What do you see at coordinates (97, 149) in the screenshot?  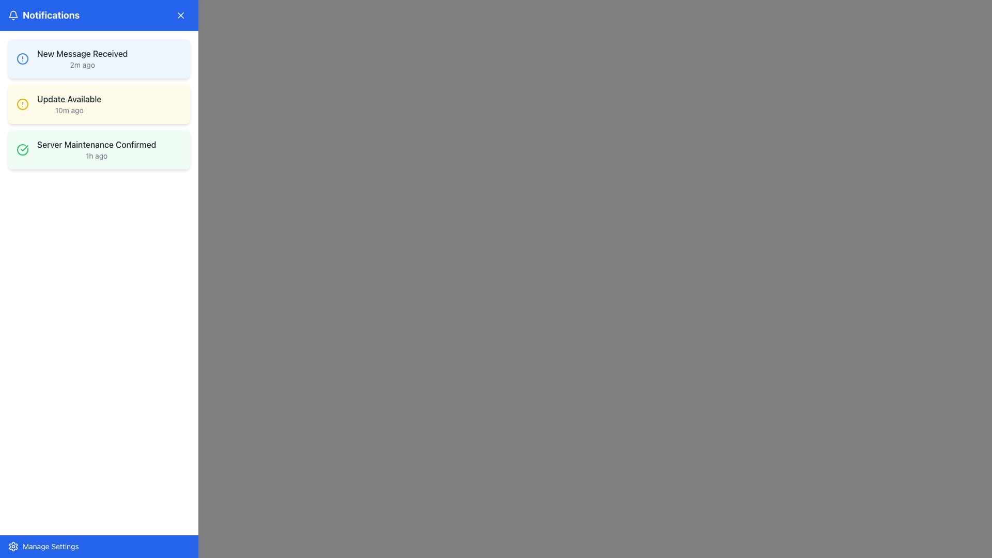 I see `the text block displaying the title and timestamp of a notification related to server maintenance confirmation, located third from the top in the notification list and aligned to the right of the green checkmark icon` at bounding box center [97, 149].